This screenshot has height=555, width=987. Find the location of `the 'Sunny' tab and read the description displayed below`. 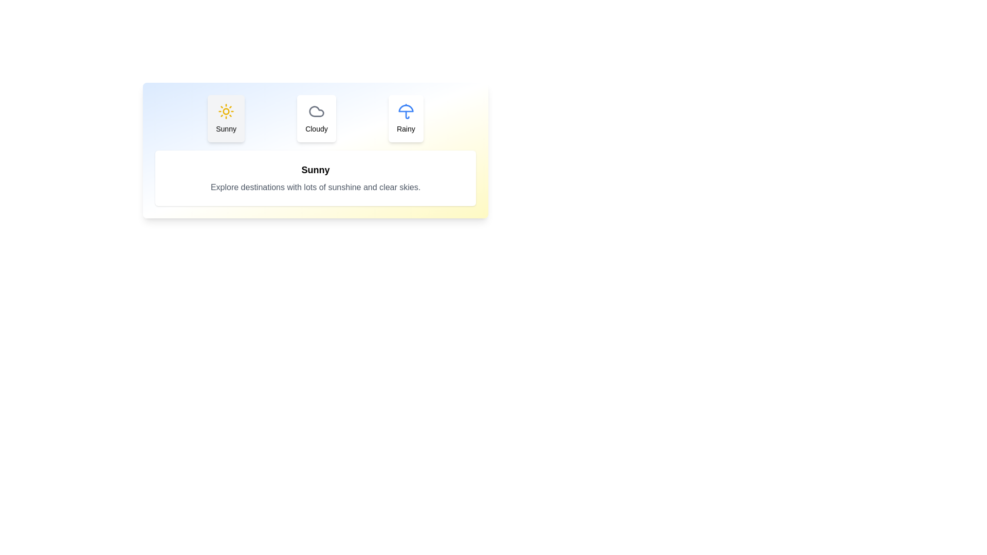

the 'Sunny' tab and read the description displayed below is located at coordinates (226, 118).